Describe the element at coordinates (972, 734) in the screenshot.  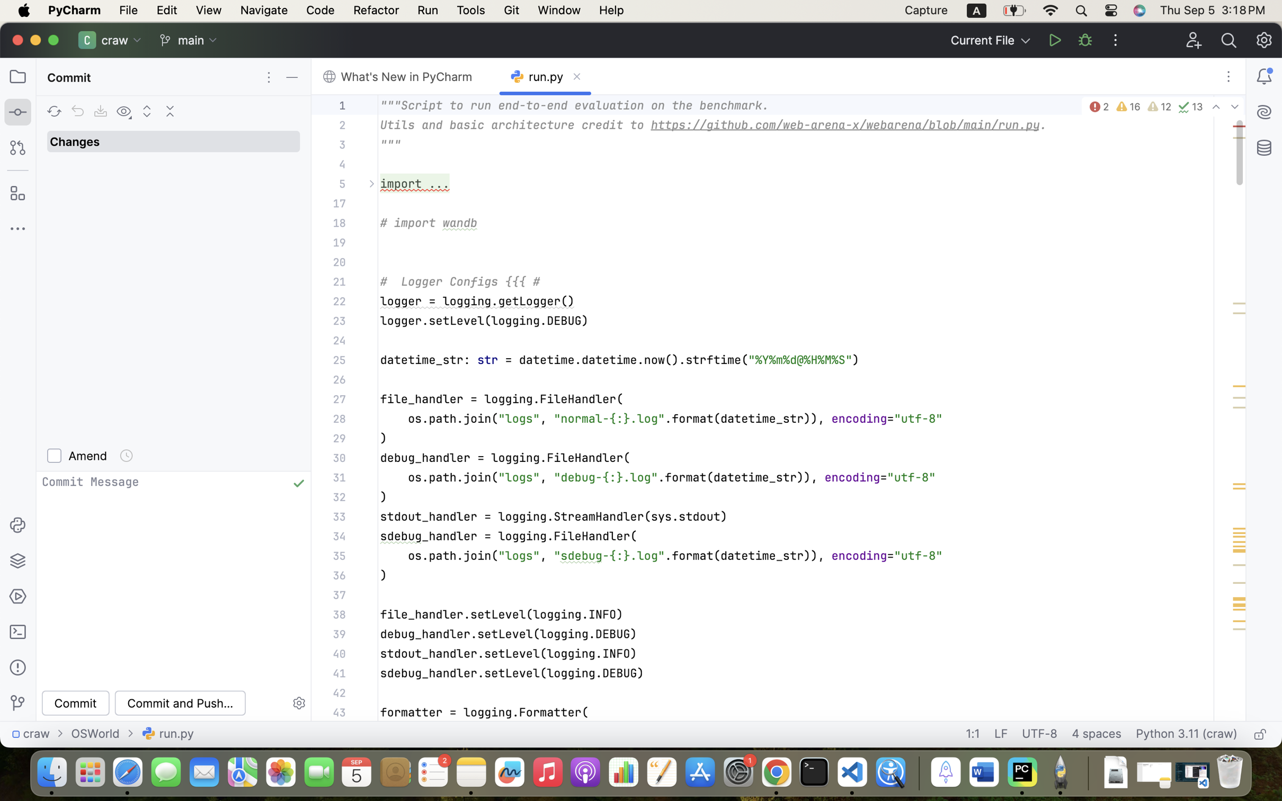
I see `'1:1'` at that location.